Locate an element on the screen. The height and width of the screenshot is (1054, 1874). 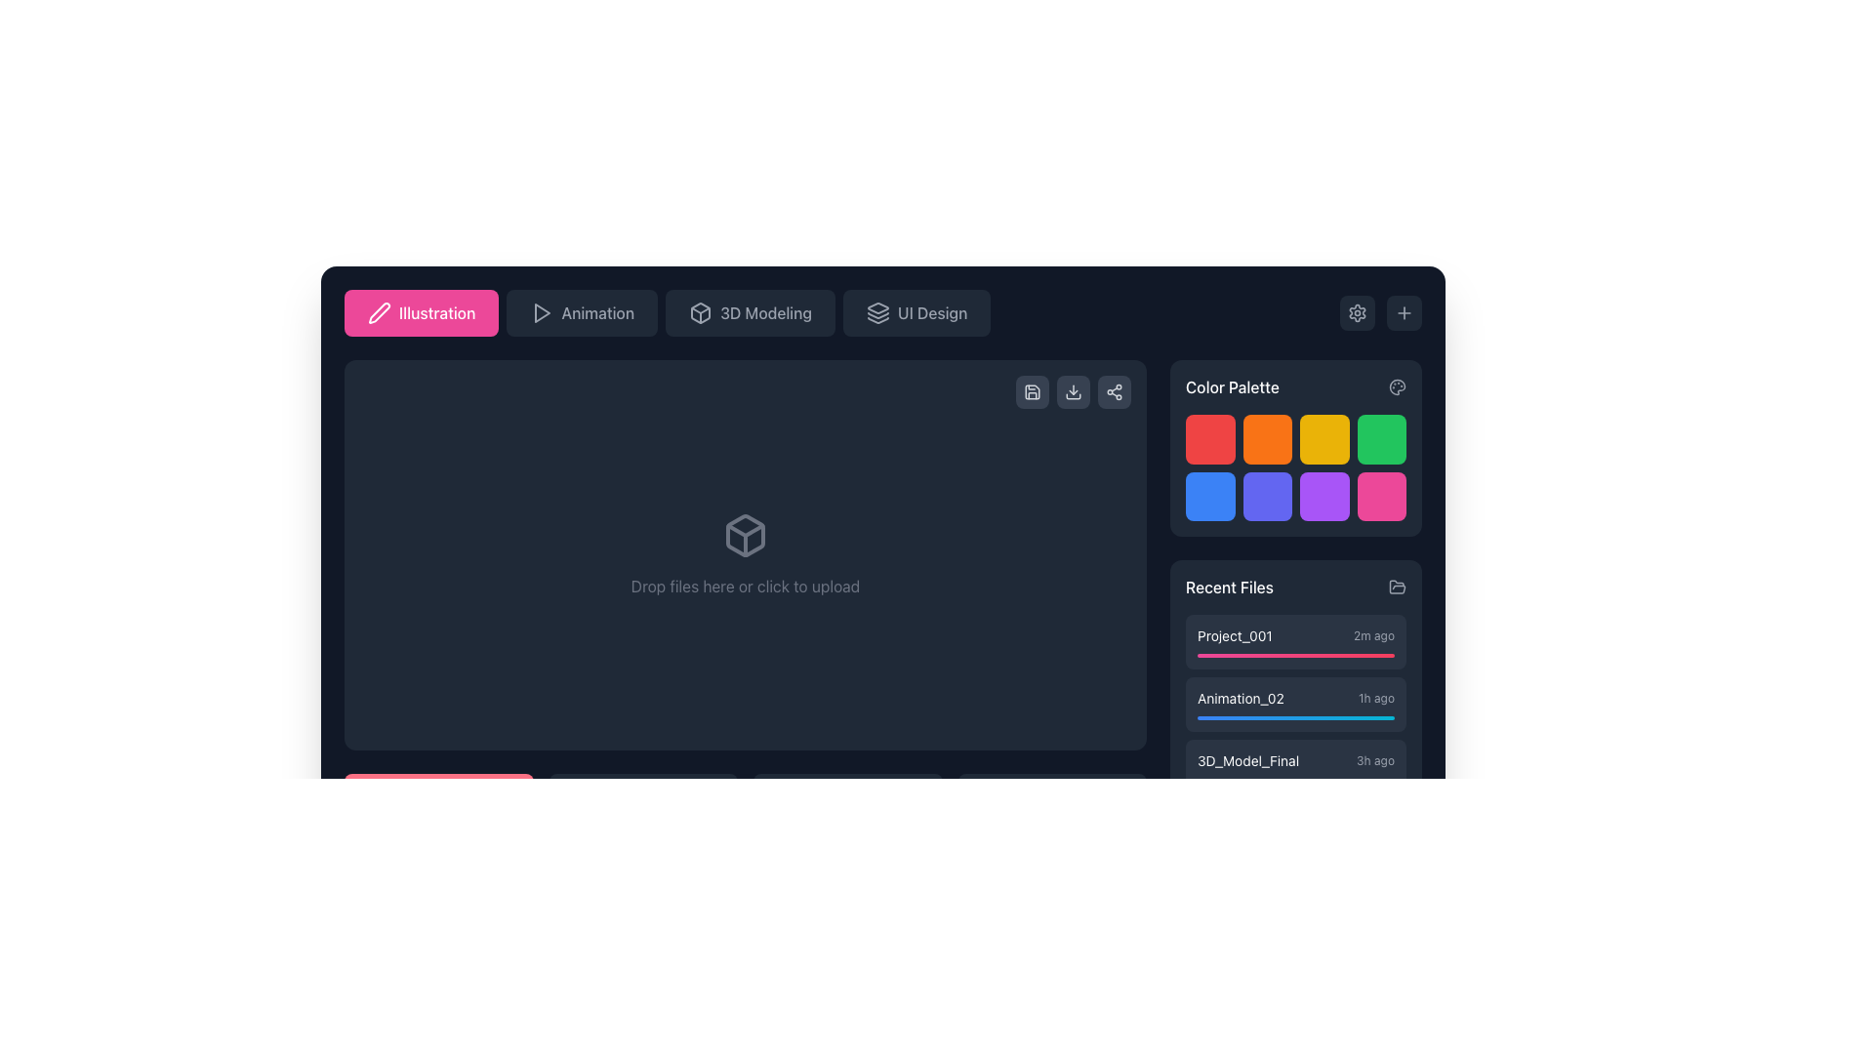
the '3D Modeling' text label within the button is located at coordinates (765, 311).